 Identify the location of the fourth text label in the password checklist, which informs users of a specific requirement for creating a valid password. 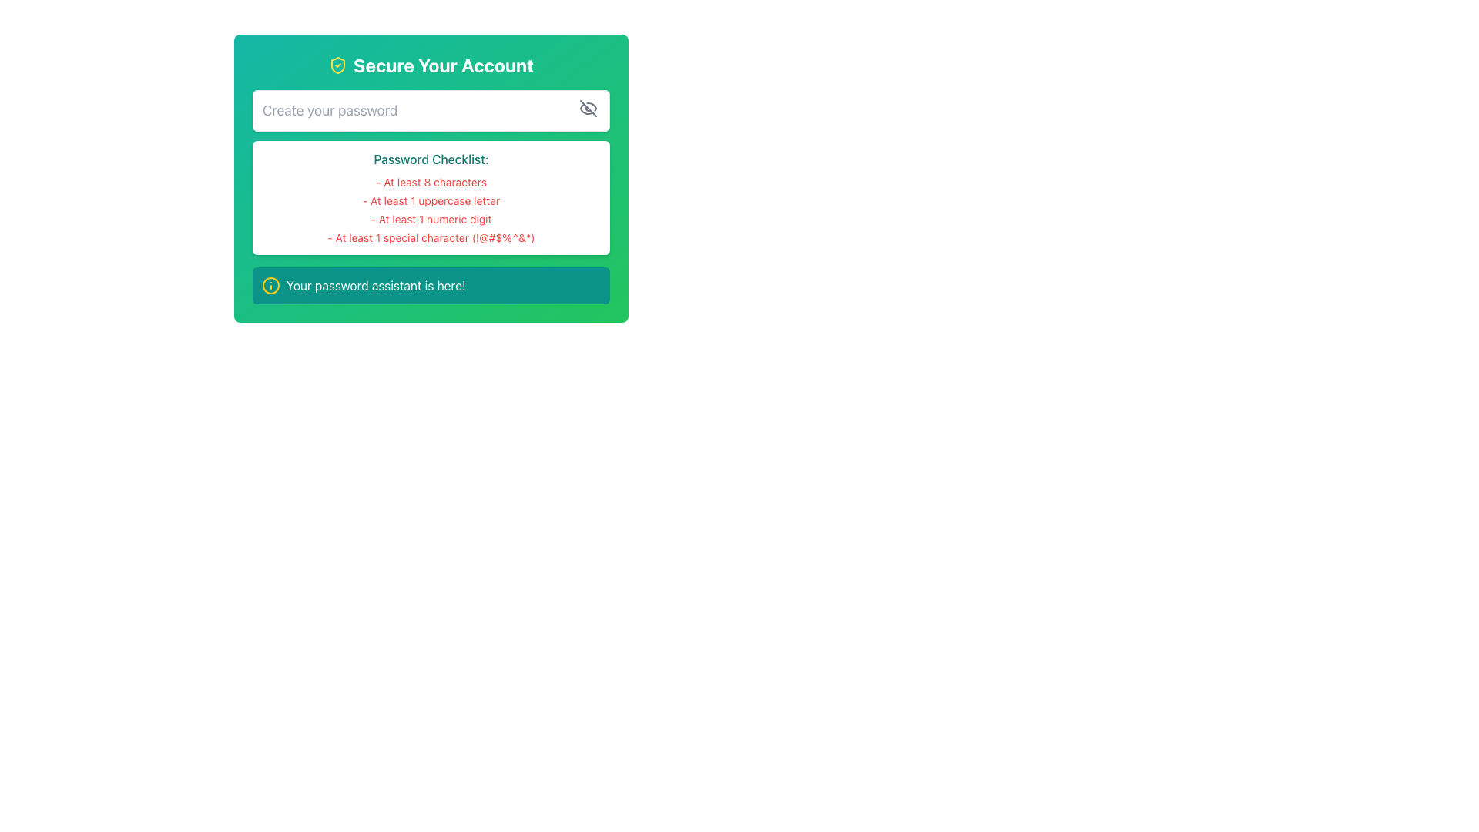
(431, 237).